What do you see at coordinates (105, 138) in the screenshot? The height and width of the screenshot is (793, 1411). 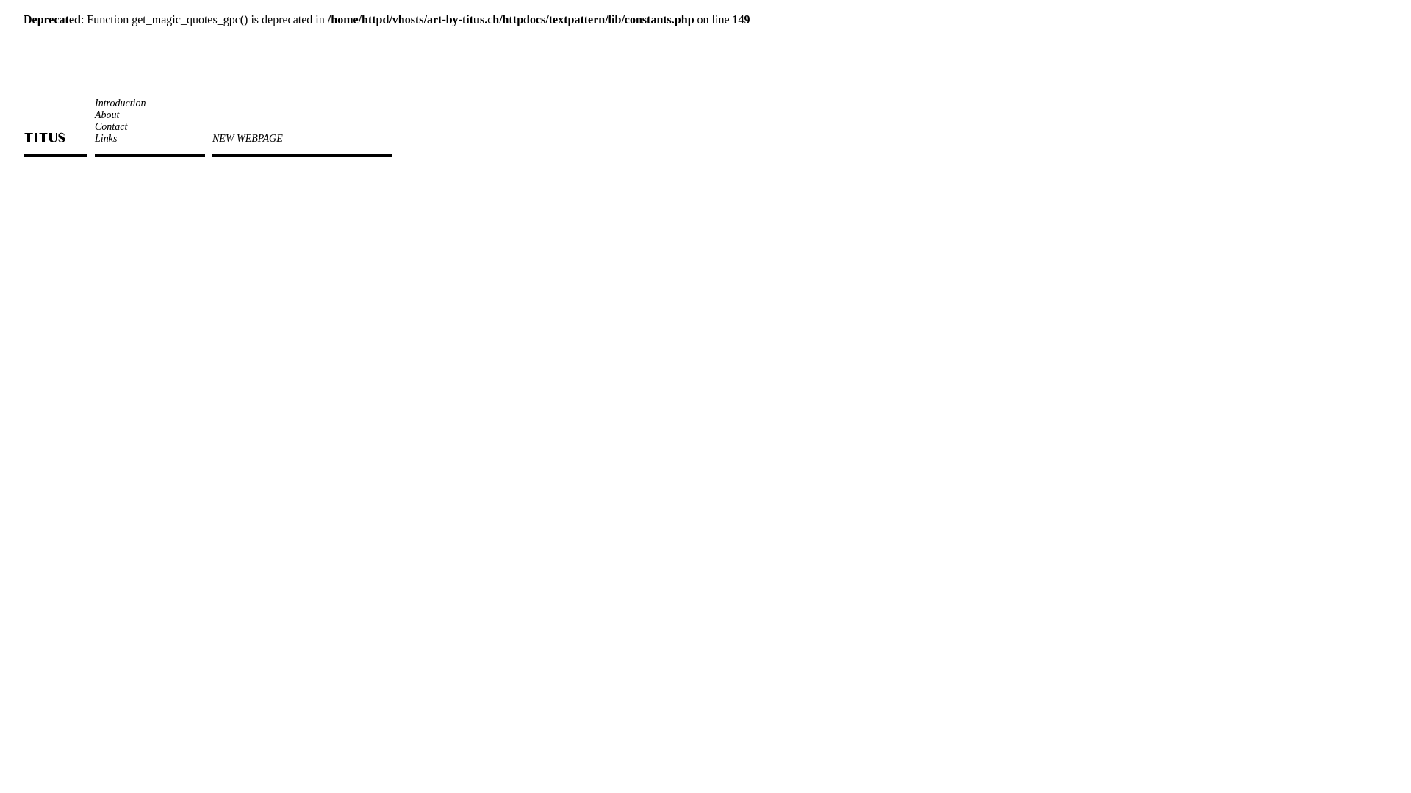 I see `'Links'` at bounding box center [105, 138].